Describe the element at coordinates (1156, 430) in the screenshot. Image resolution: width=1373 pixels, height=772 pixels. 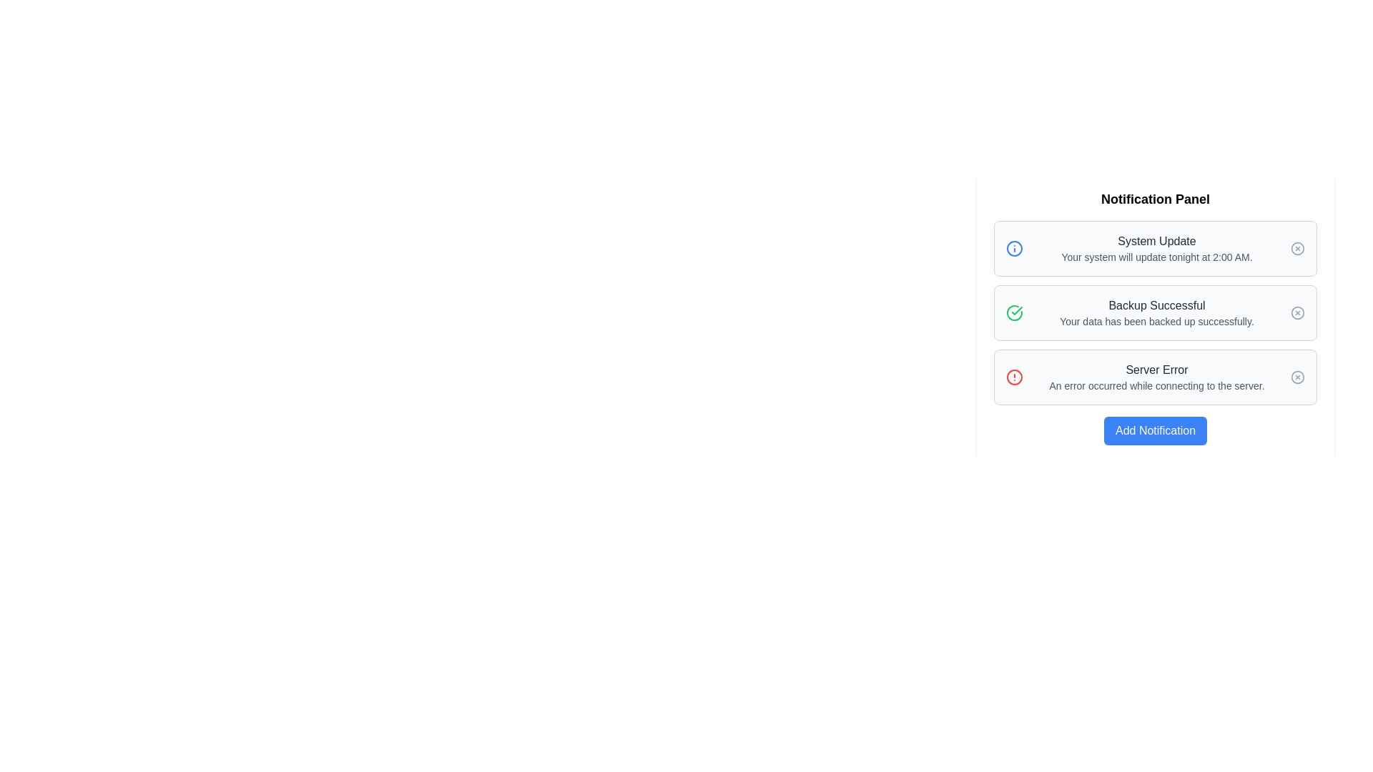
I see `the blue rectangular button with rounded corners labeled 'Add Notification' located at the bottom of the 'Notification Panel'` at that location.